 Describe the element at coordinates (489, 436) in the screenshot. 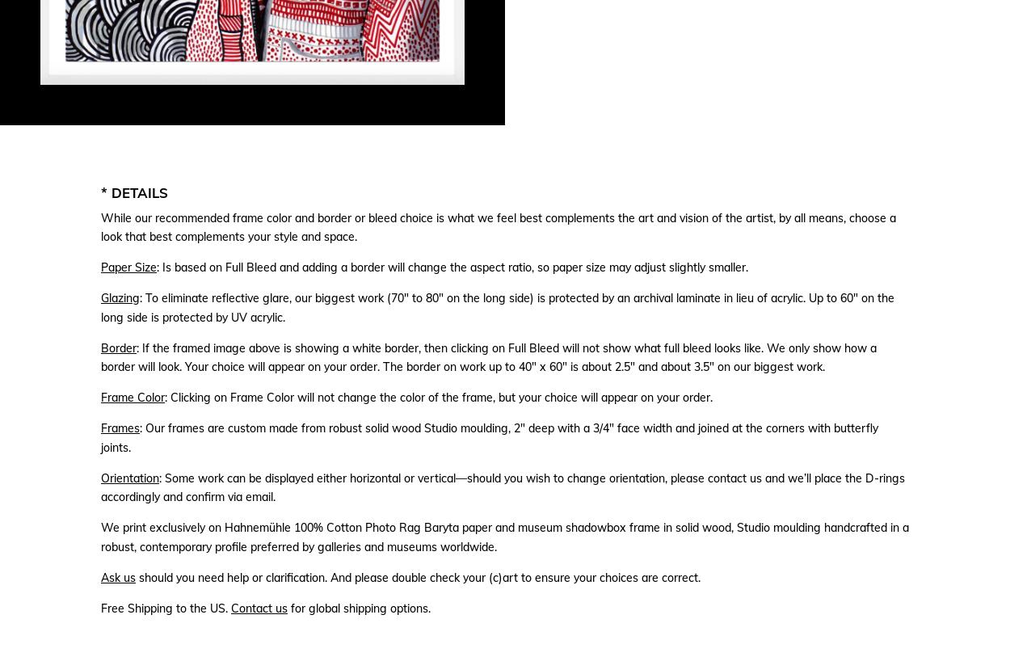

I see `': Our frames are custom made from robust solid wood Studio moulding, 2″ deep with a 3/4″ face width and joined at the corners with butterfly joints.'` at that location.